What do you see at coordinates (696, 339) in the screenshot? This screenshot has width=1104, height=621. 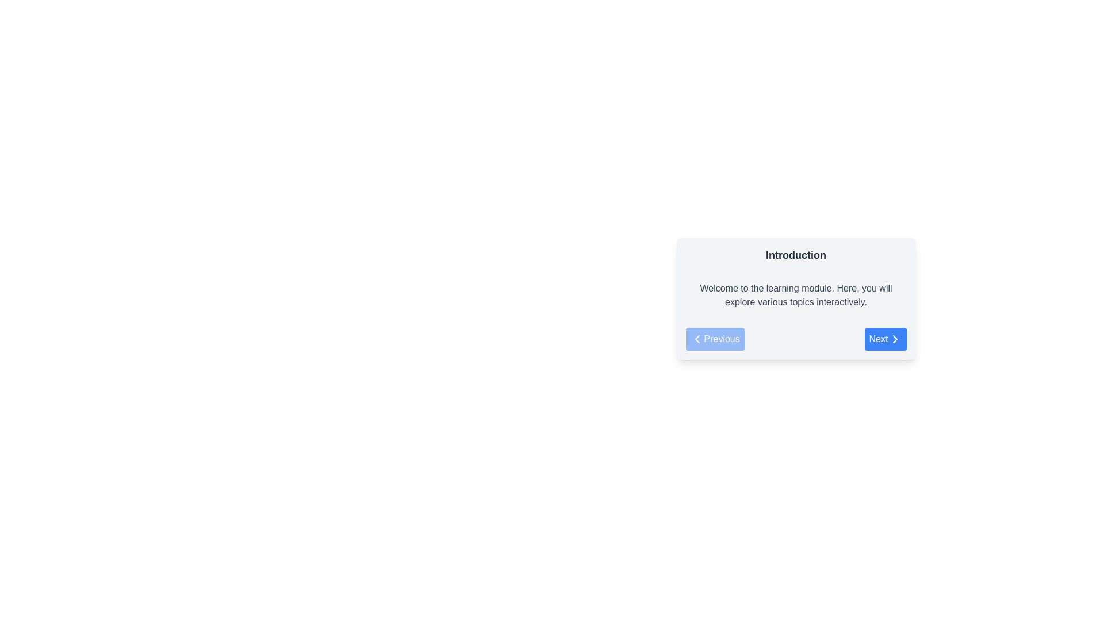 I see `the leftward-pointing chevron icon, which is part of the 'Previous' button located within a rectangular card in the lower right region of the display` at bounding box center [696, 339].